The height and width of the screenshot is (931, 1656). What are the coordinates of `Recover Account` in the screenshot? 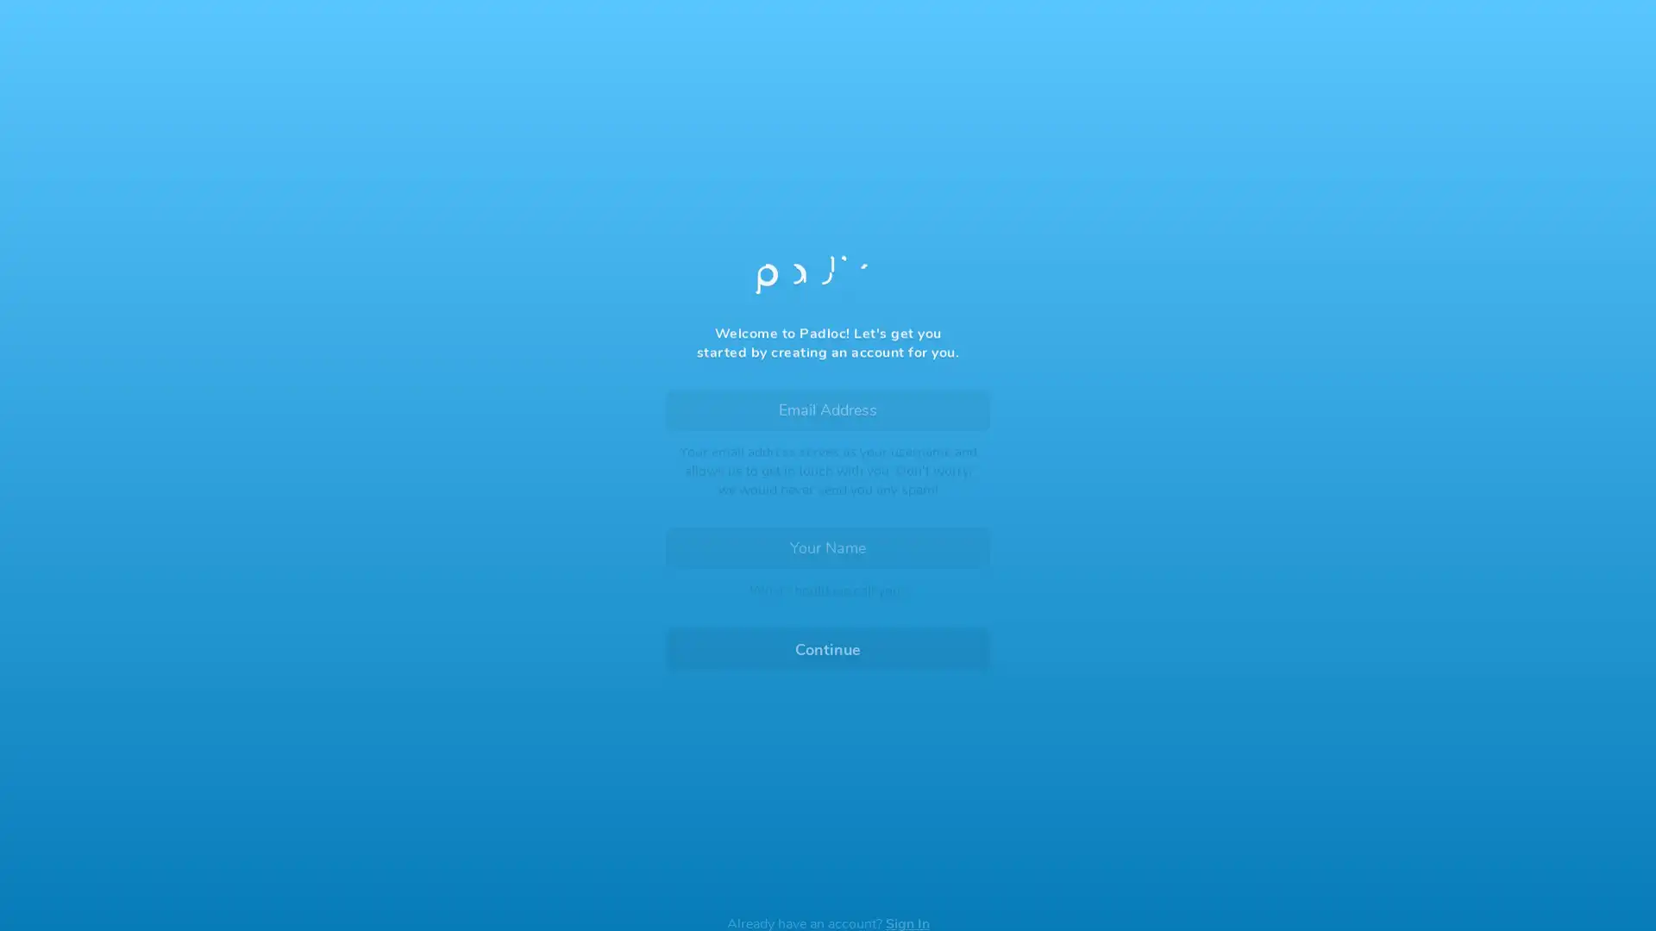 It's located at (828, 787).